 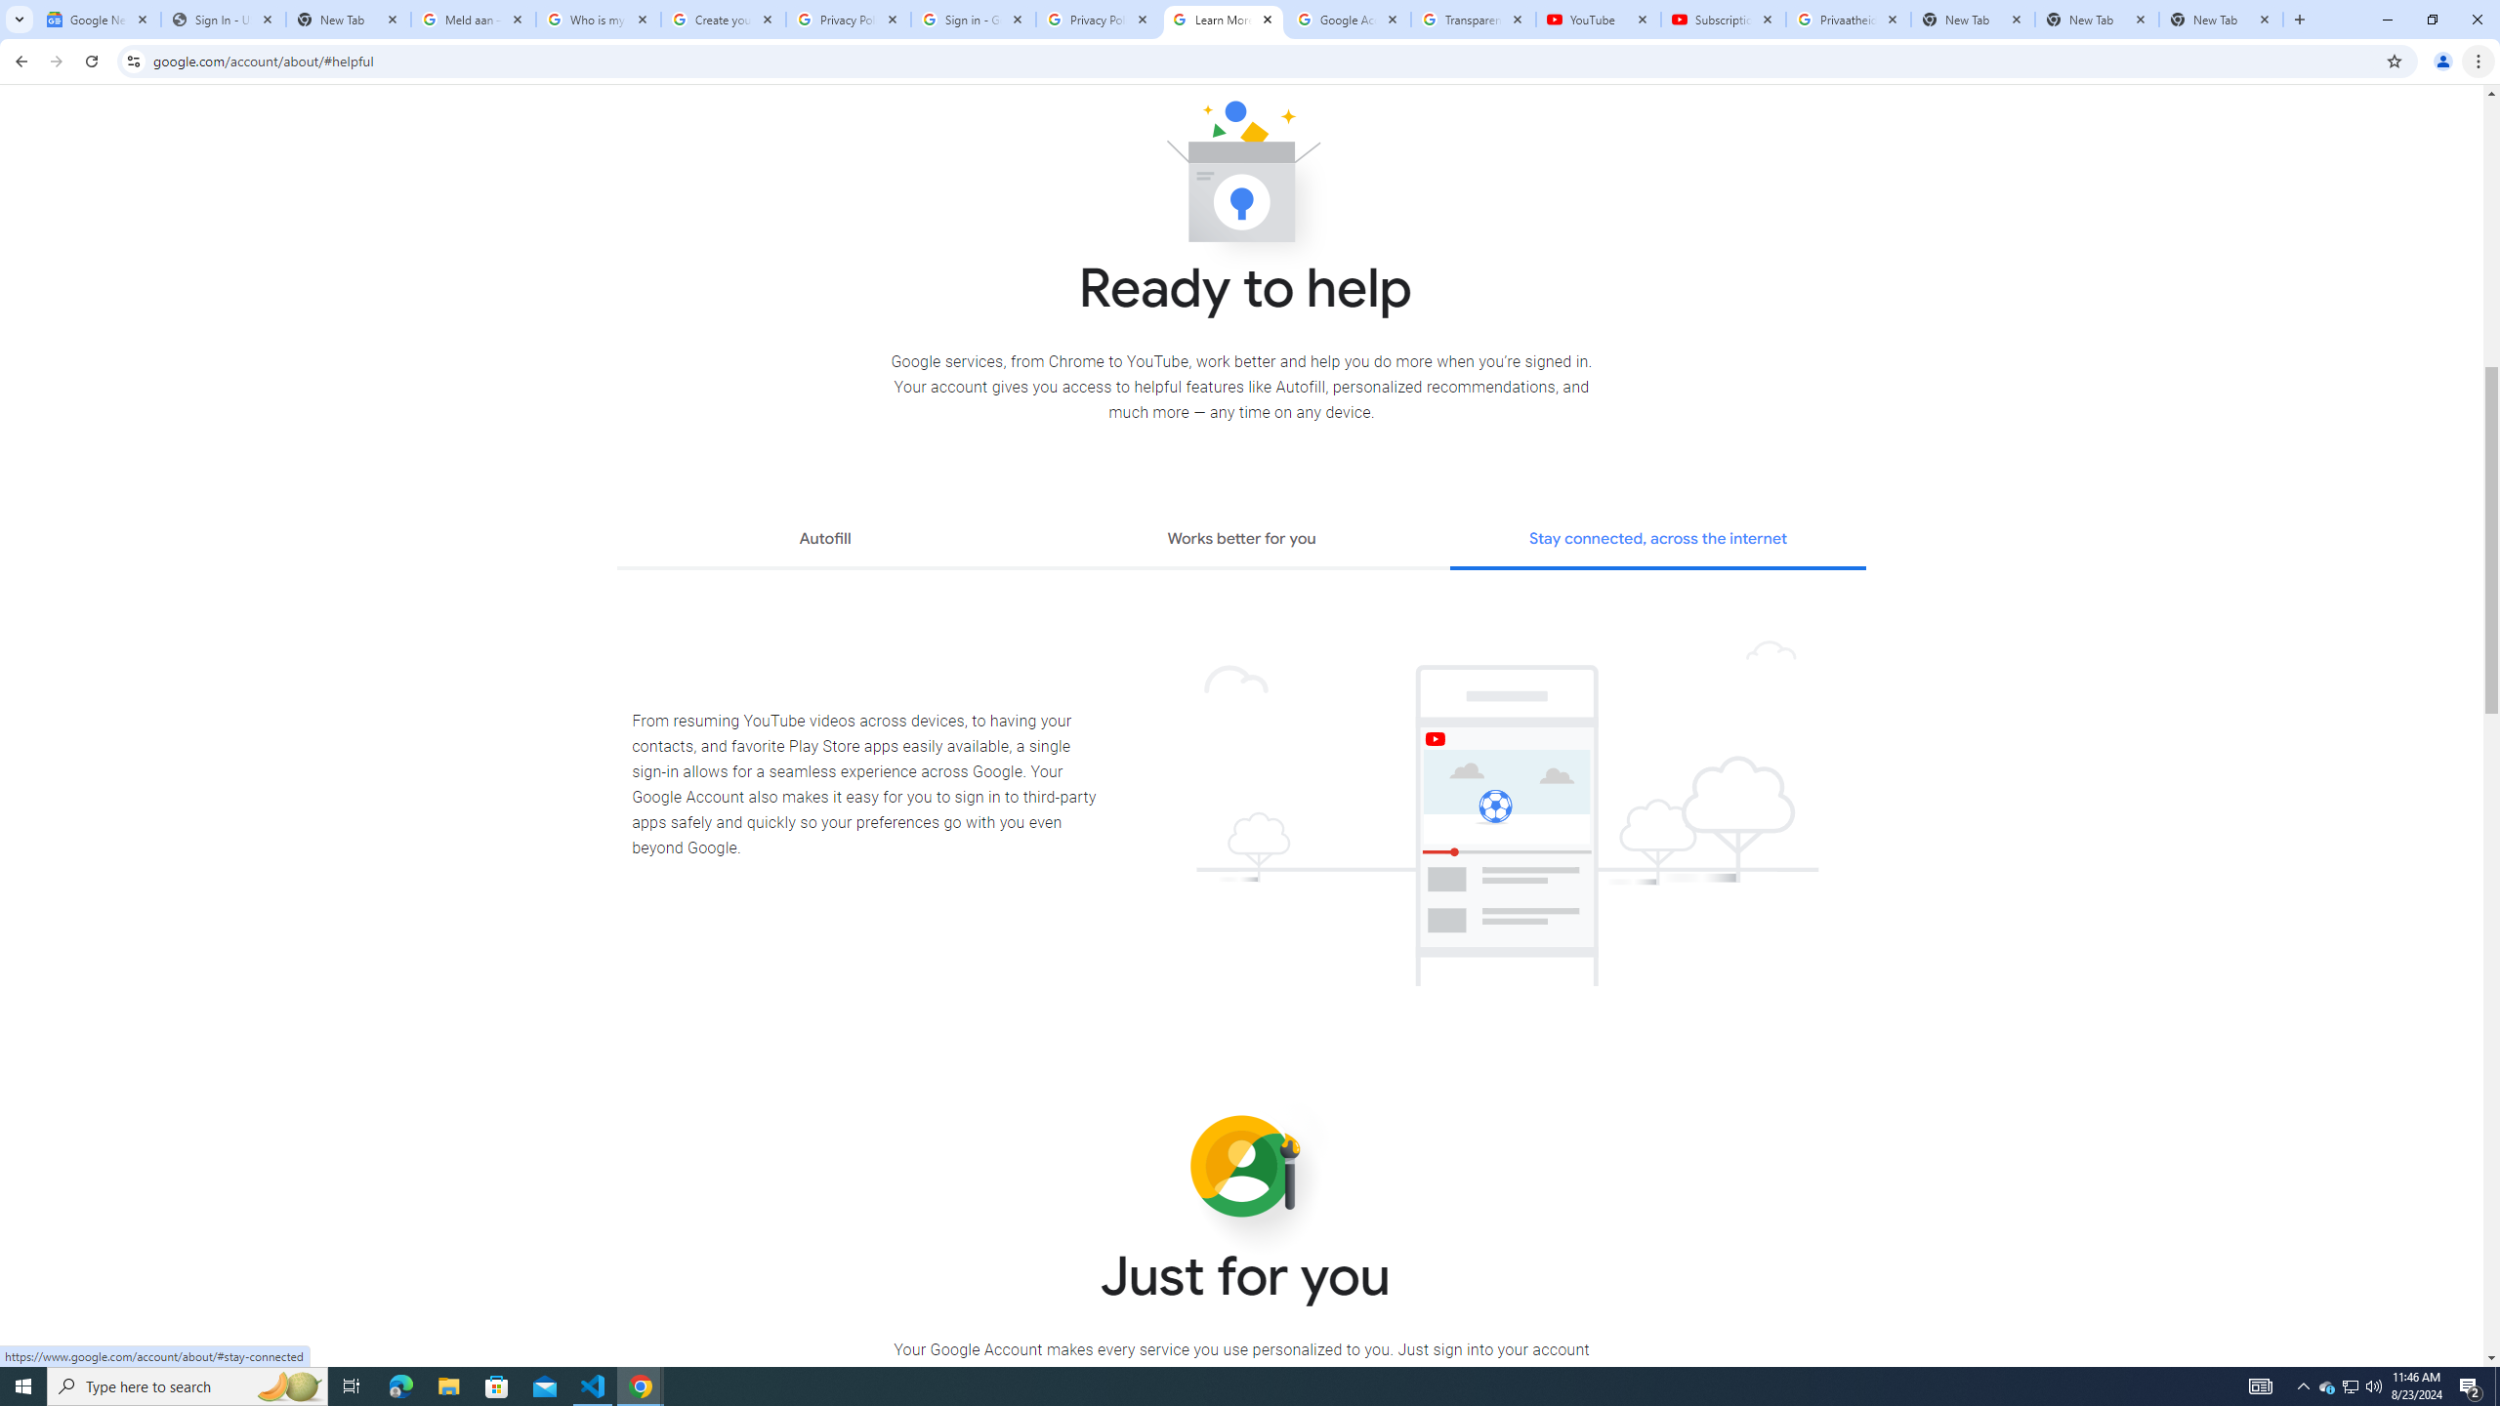 I want to click on 'Autofill', so click(x=823, y=541).